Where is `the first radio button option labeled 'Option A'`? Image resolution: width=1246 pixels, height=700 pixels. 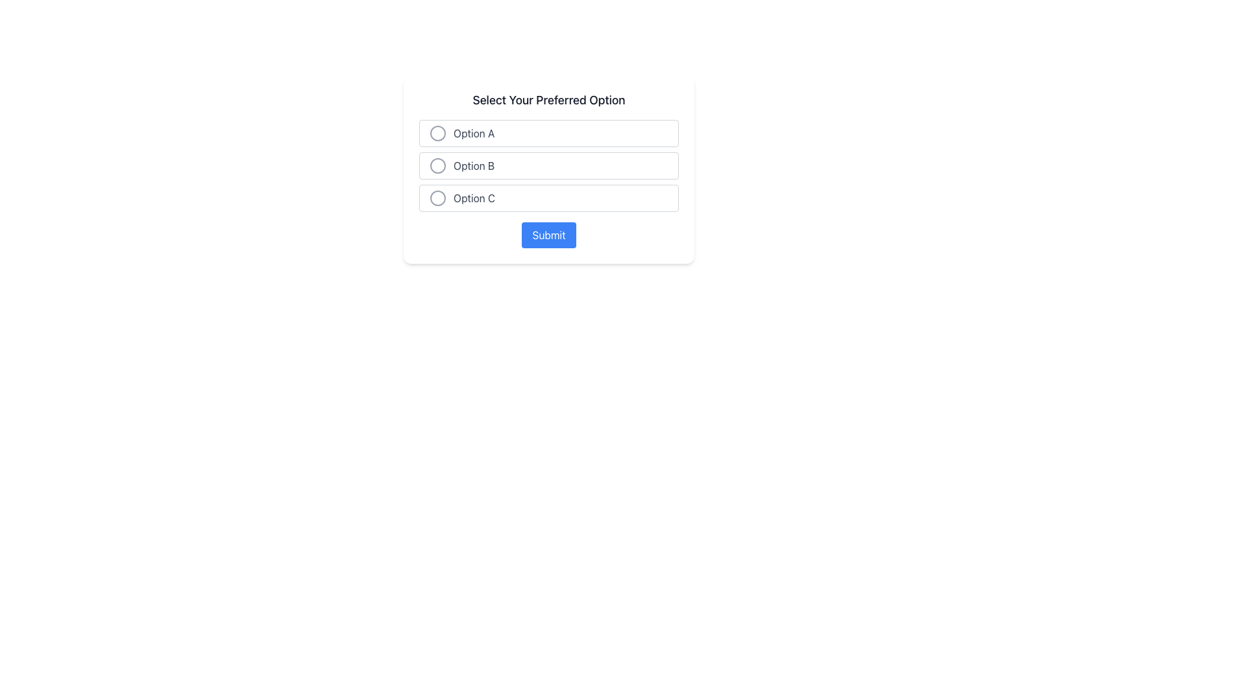
the first radio button option labeled 'Option A' is located at coordinates (548, 133).